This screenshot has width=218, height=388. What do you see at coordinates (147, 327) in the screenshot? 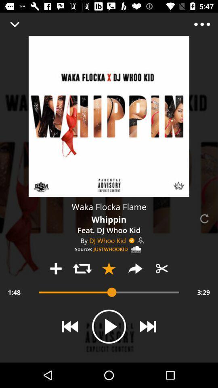
I see `the skip_next icon` at bounding box center [147, 327].